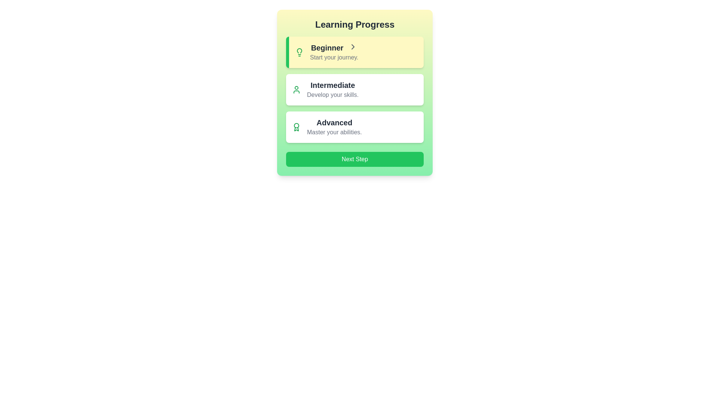  Describe the element at coordinates (355, 89) in the screenshot. I see `the 'Intermediate' button in the 'Learning Progress' section` at that location.